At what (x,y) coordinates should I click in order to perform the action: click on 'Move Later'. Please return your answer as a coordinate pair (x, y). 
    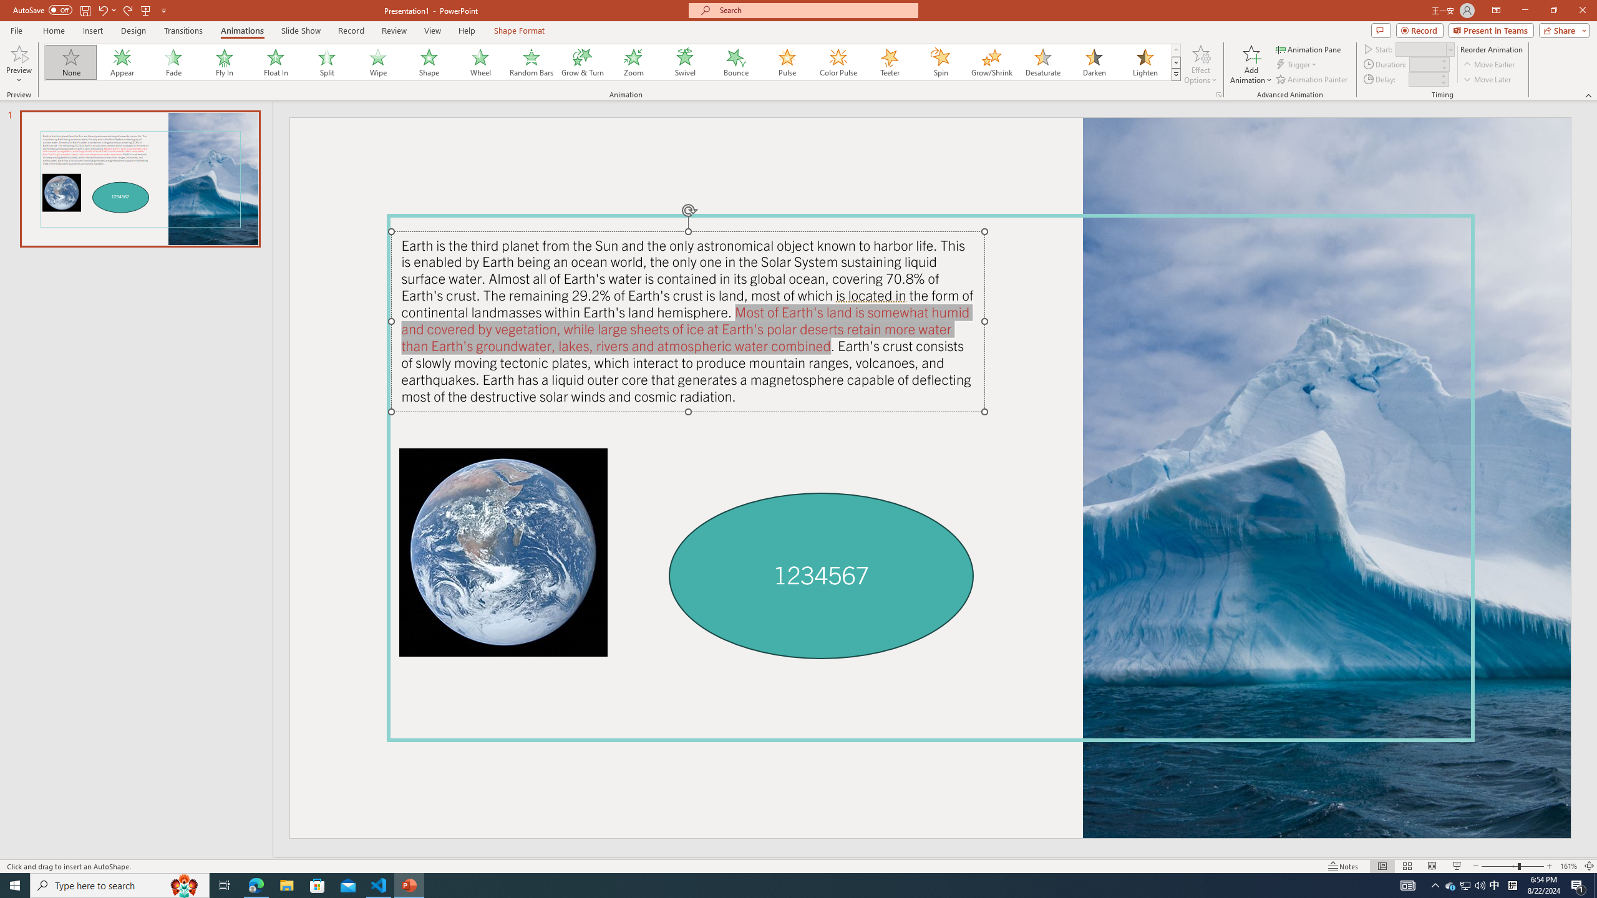
    Looking at the image, I should click on (1487, 79).